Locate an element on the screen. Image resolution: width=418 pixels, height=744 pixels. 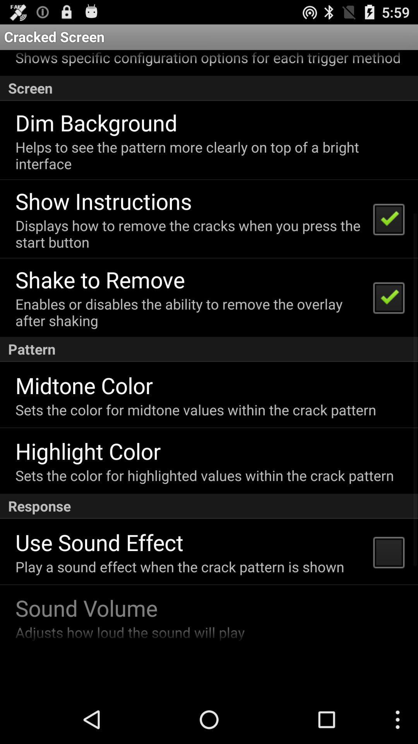
the helps to see app is located at coordinates (208, 155).